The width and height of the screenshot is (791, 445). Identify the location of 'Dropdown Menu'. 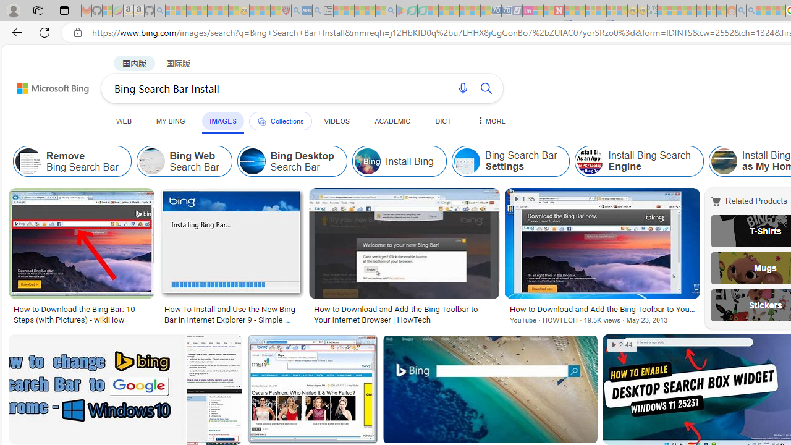
(489, 121).